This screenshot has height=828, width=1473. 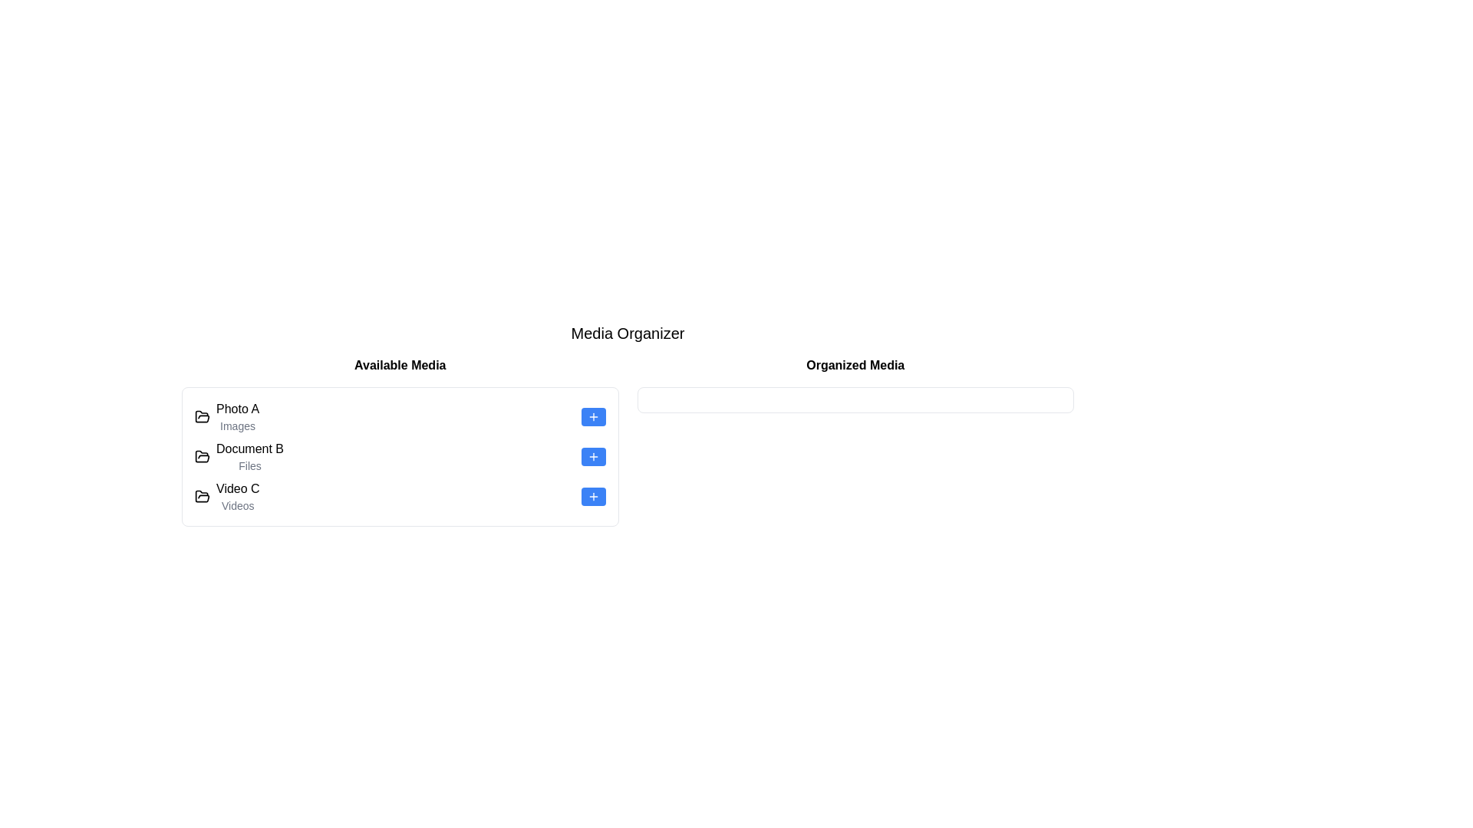 What do you see at coordinates (592, 456) in the screenshot?
I see `the small blue circular icon with a white plus symbol, which is the second button in a vertical sequence of similar icons located to the right of the 'Available Media' list` at bounding box center [592, 456].